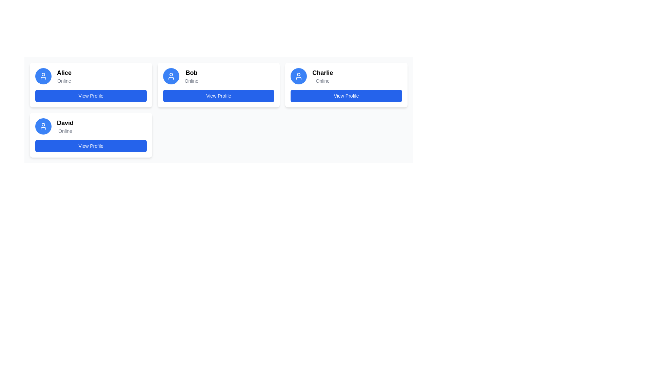 This screenshot has width=651, height=366. Describe the element at coordinates (346, 84) in the screenshot. I see `User Profile Card for Charlie, which features a profile picture, the name 'Charlie' in bold text, and a blue 'View Profile' button at the bottom` at that location.